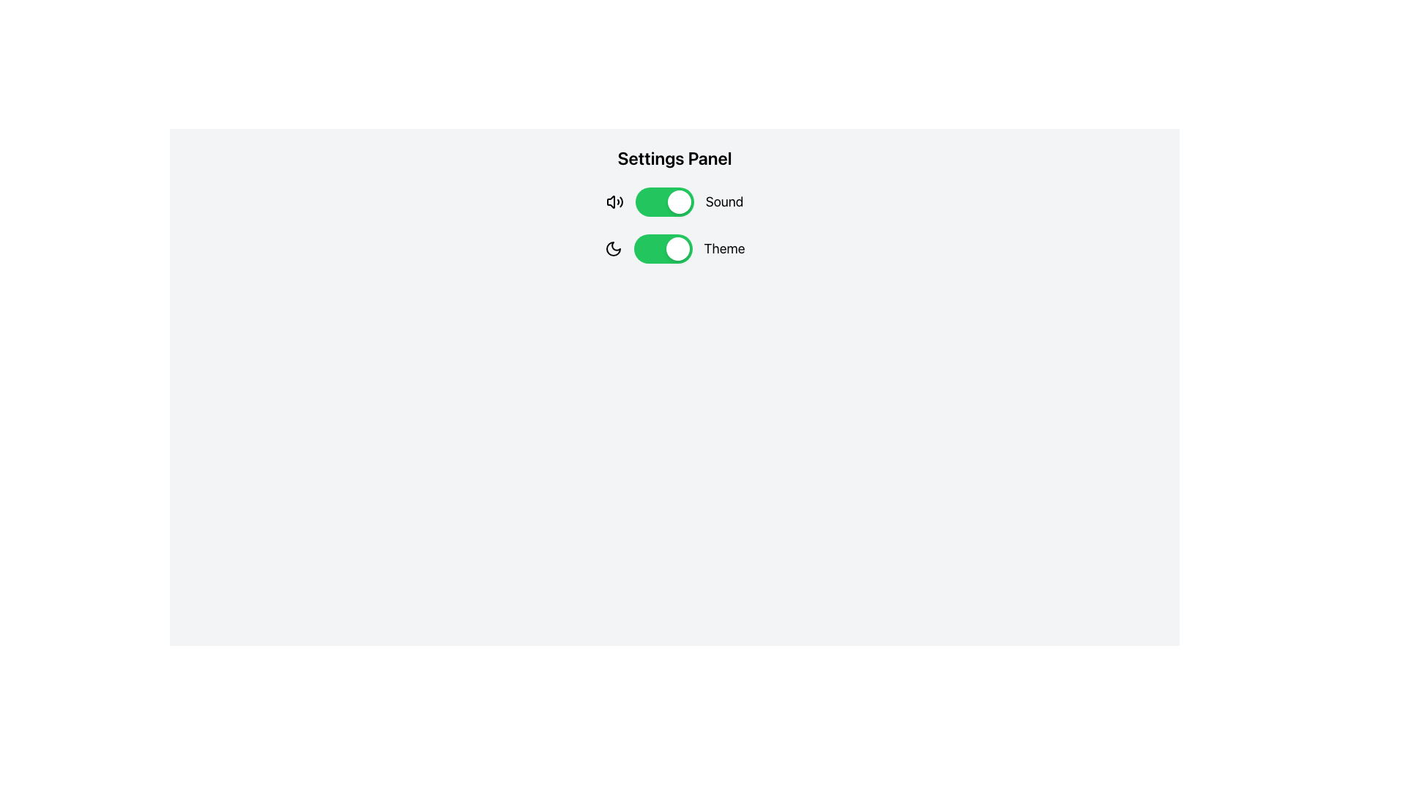 Image resolution: width=1406 pixels, height=791 pixels. I want to click on the first toggle switch in the settings interface, so click(688, 202).